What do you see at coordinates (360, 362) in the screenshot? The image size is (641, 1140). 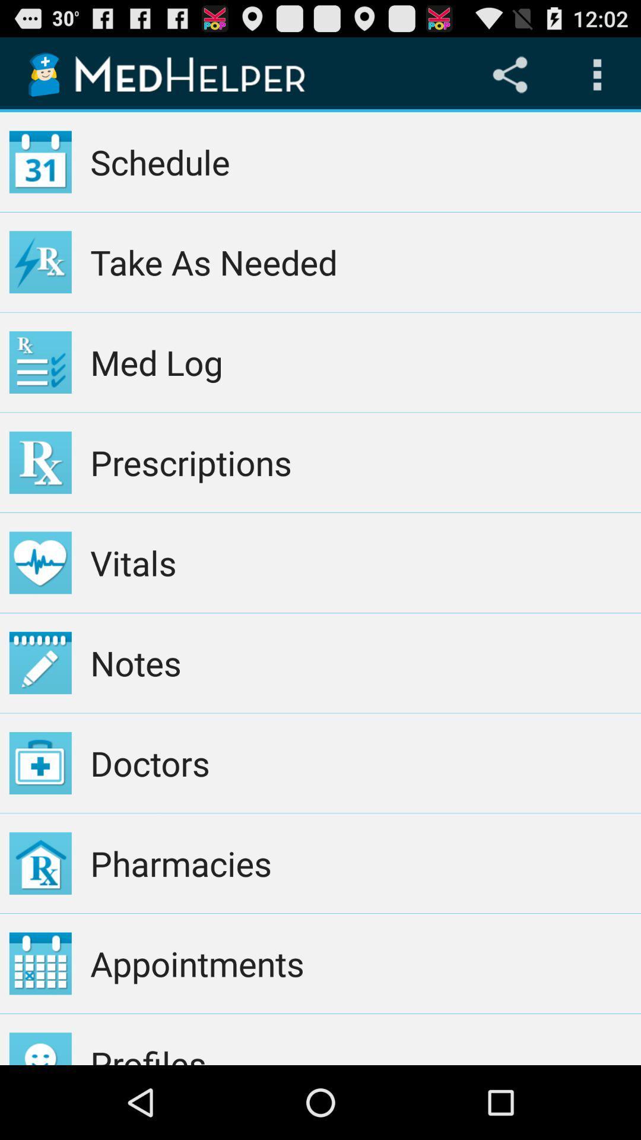 I see `the icon above the prescriptions app` at bounding box center [360, 362].